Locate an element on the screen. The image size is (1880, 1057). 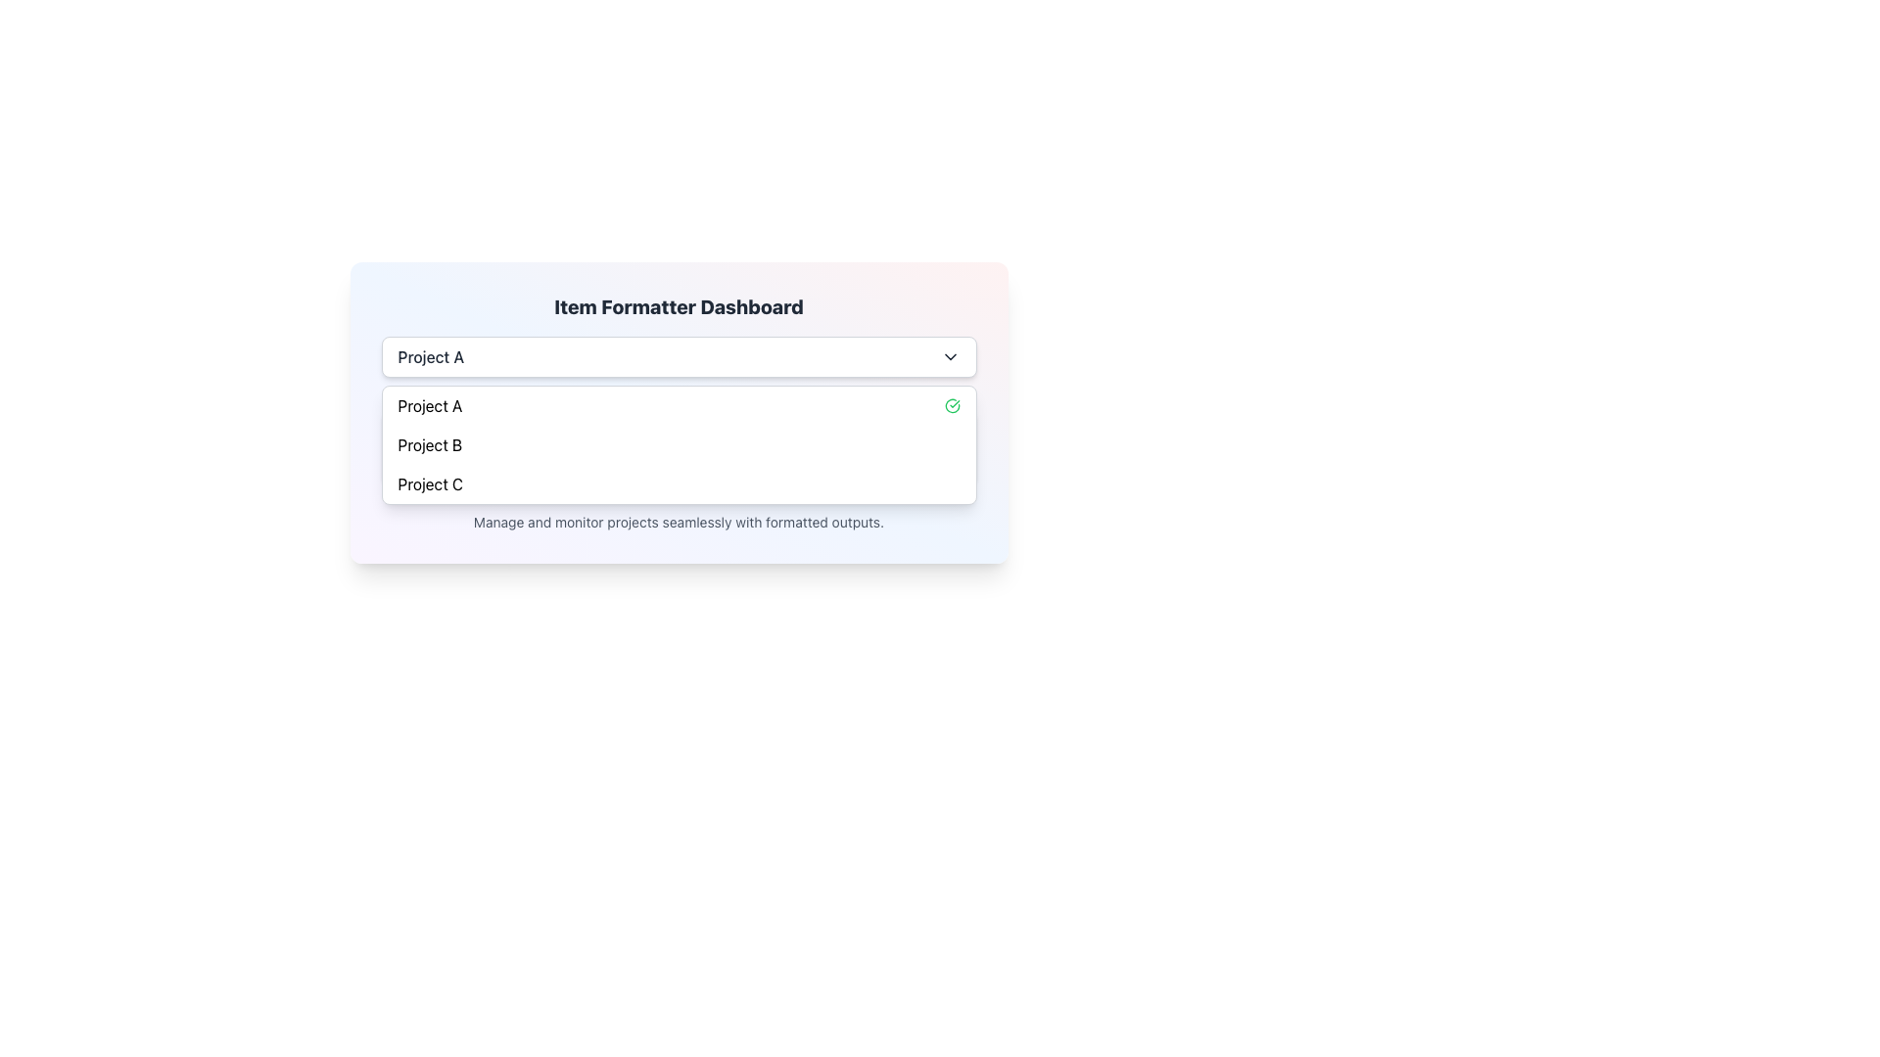
the green outlined circle icon with a checkmark inside, located to the right of the 'Project A' dropdown list item, indicating completion or approval is located at coordinates (952, 405).